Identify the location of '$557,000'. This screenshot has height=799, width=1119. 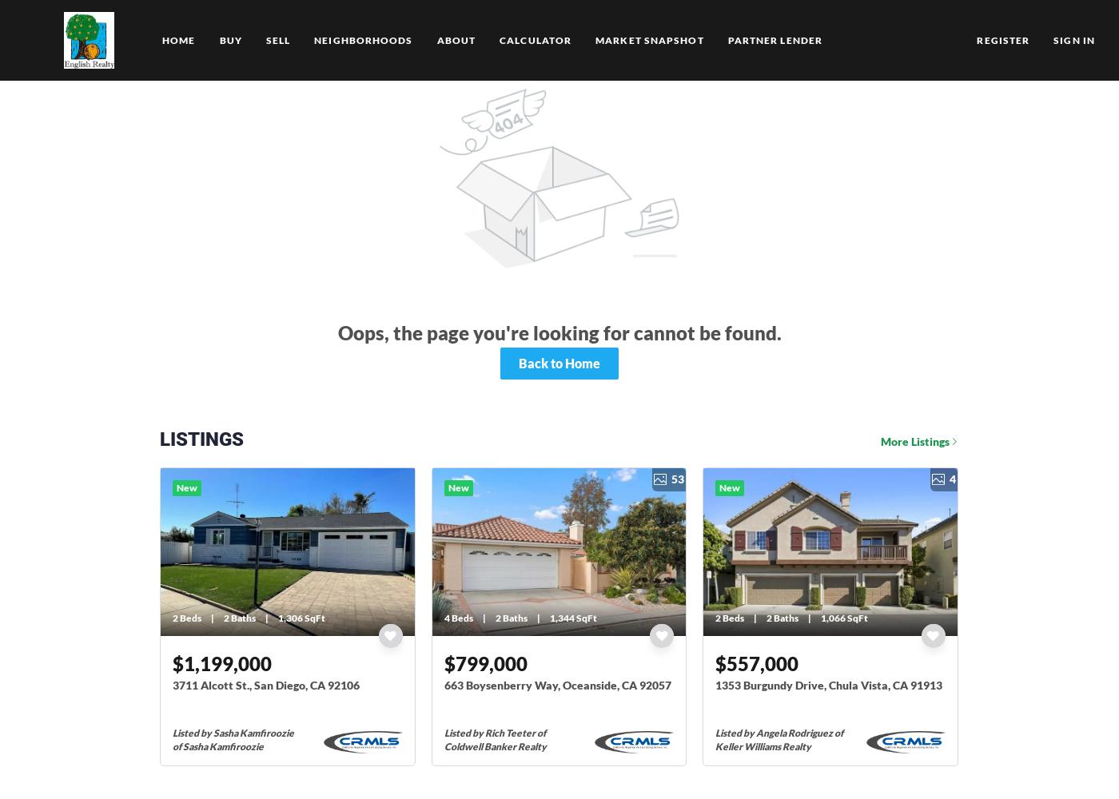
(715, 662).